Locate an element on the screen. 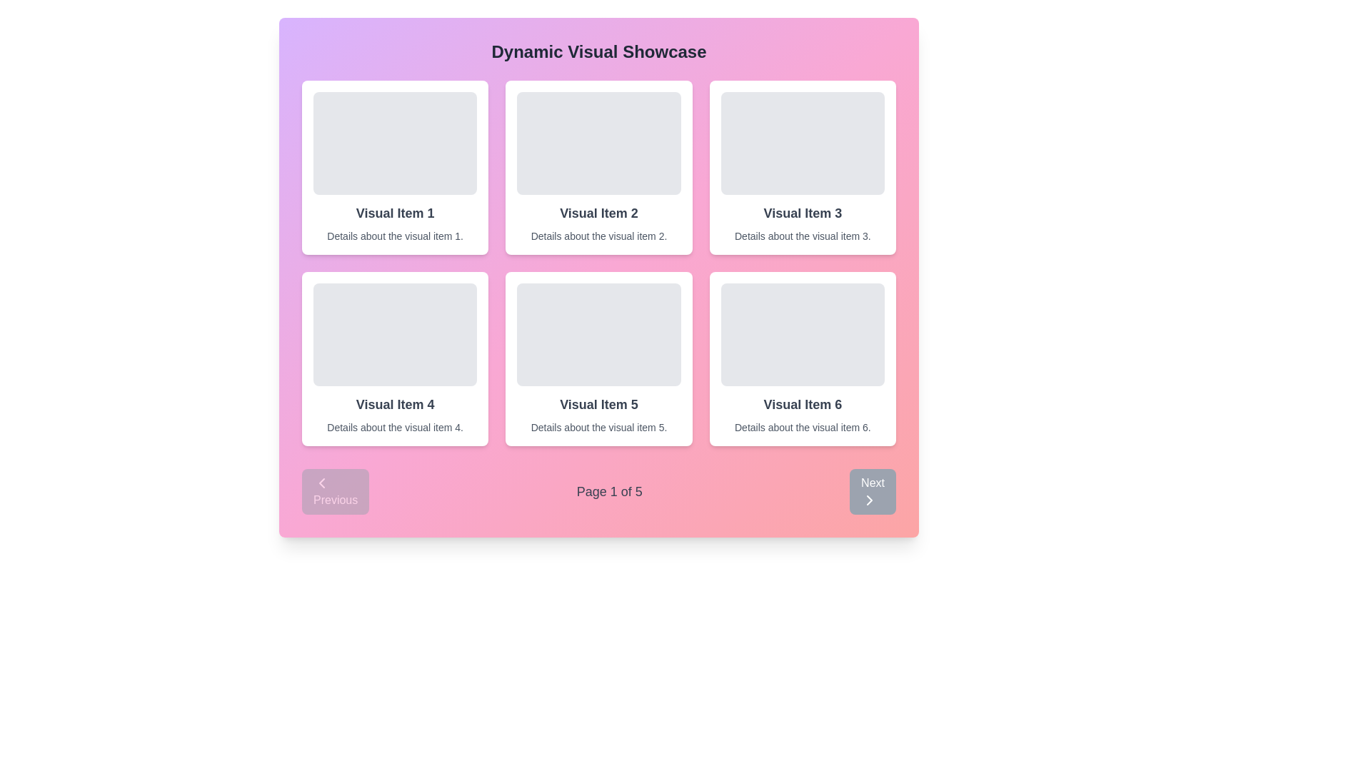 The width and height of the screenshot is (1371, 771). text component that contains the description phrase 'Details about the visual item 3.' which is styled in a small-sized, gray font and is located beneath the title 'Visual Item 3' within the third card of the grid layout is located at coordinates (803, 236).